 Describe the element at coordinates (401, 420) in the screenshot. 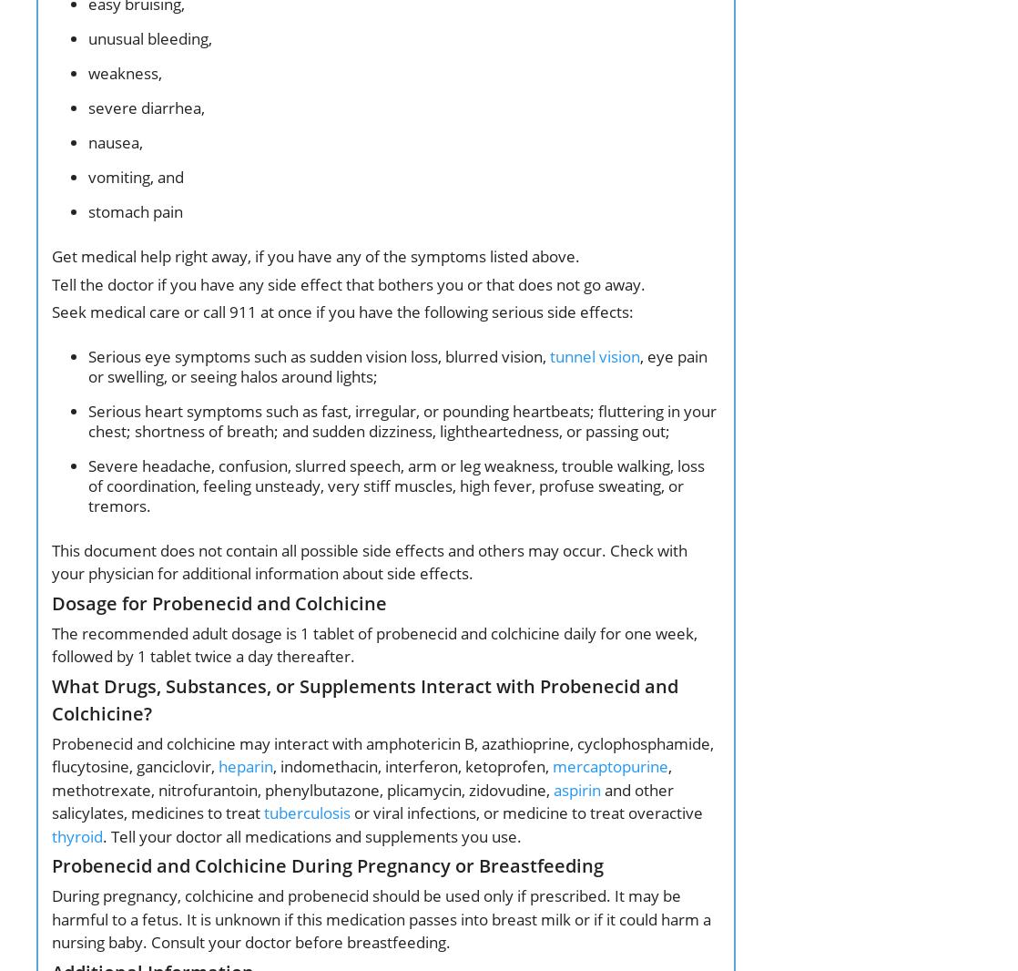

I see `'Serious heart symptoms such as fast, irregular, or pounding heartbeats; fluttering in your chest; shortness of breath; and sudden dizziness, lightheartedness, or passing out;'` at that location.